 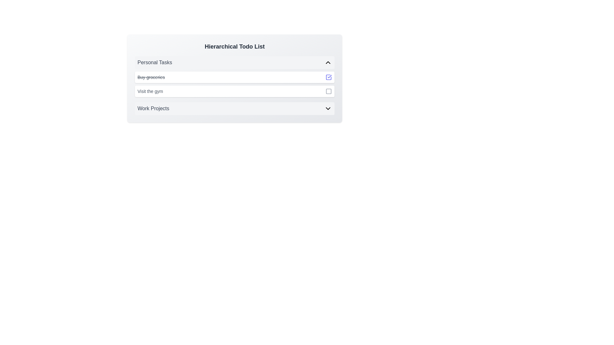 What do you see at coordinates (150, 91) in the screenshot?
I see `the Text Label displaying 'Visit the gym' under the 'Personal Tasks' section` at bounding box center [150, 91].